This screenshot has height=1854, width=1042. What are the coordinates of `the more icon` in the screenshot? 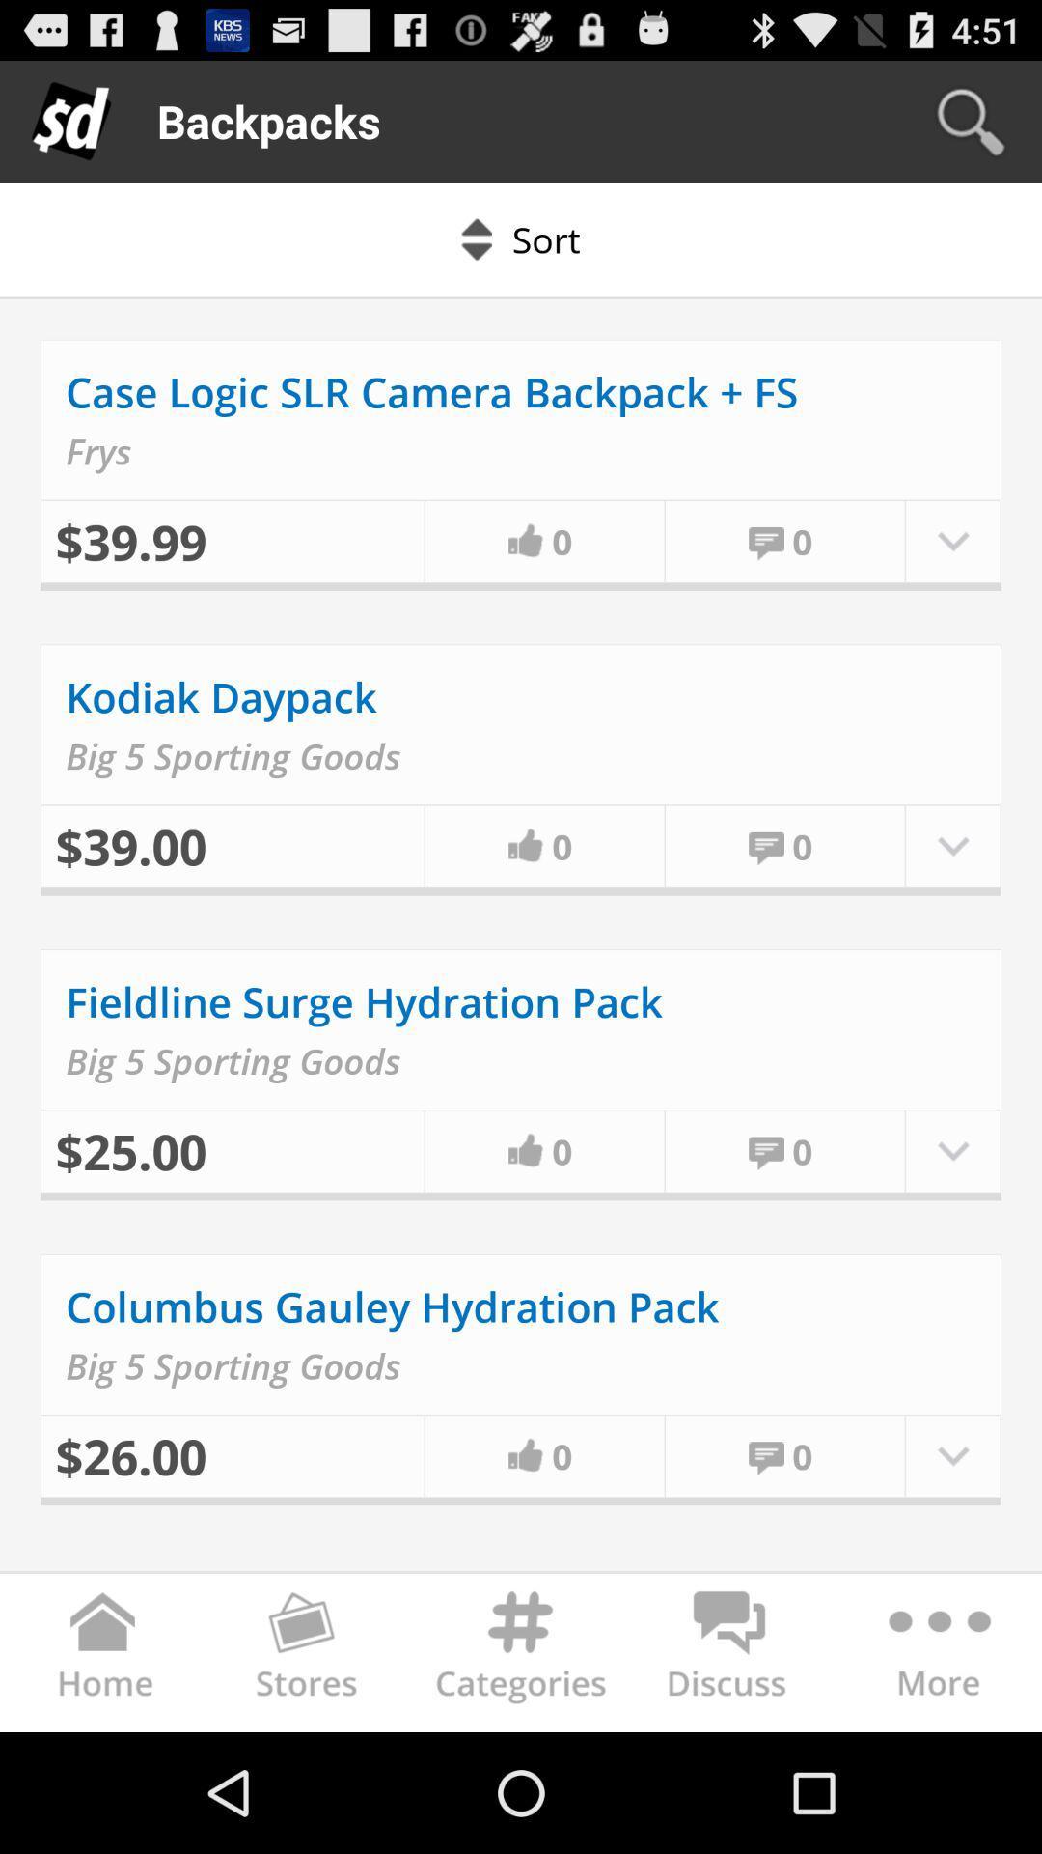 It's located at (936, 1773).